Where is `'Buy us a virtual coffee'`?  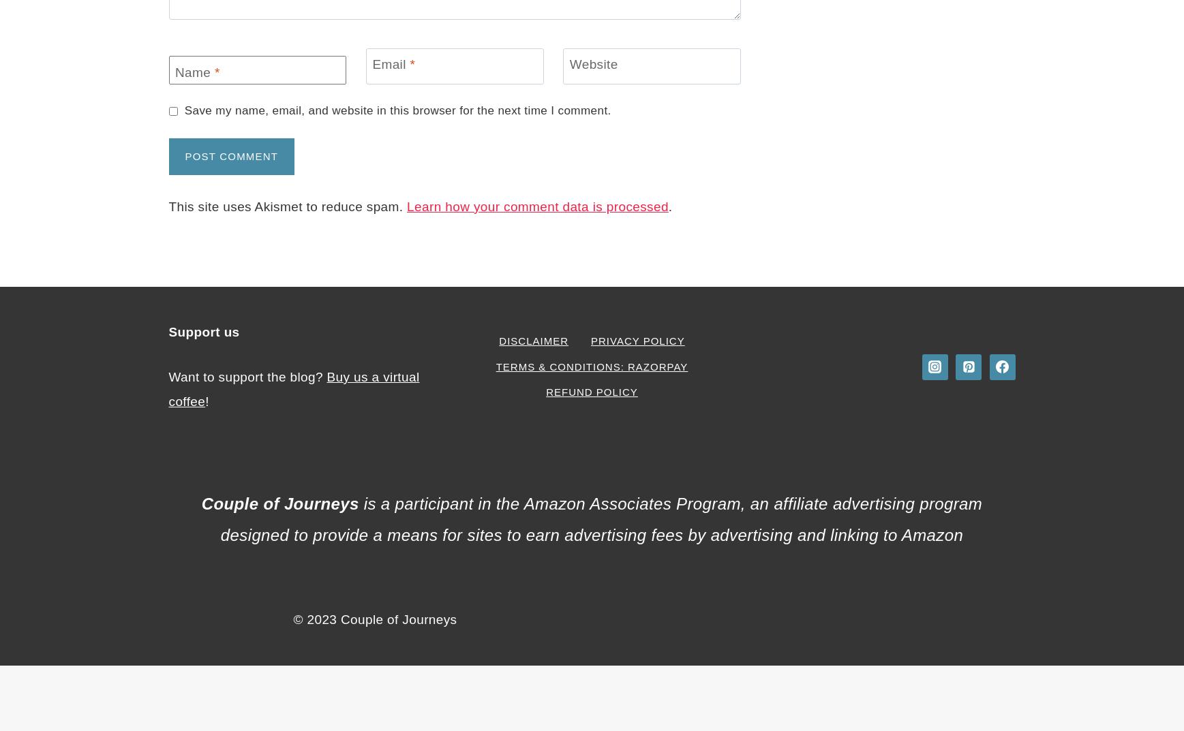
'Buy us a virtual coffee' is located at coordinates (292, 388).